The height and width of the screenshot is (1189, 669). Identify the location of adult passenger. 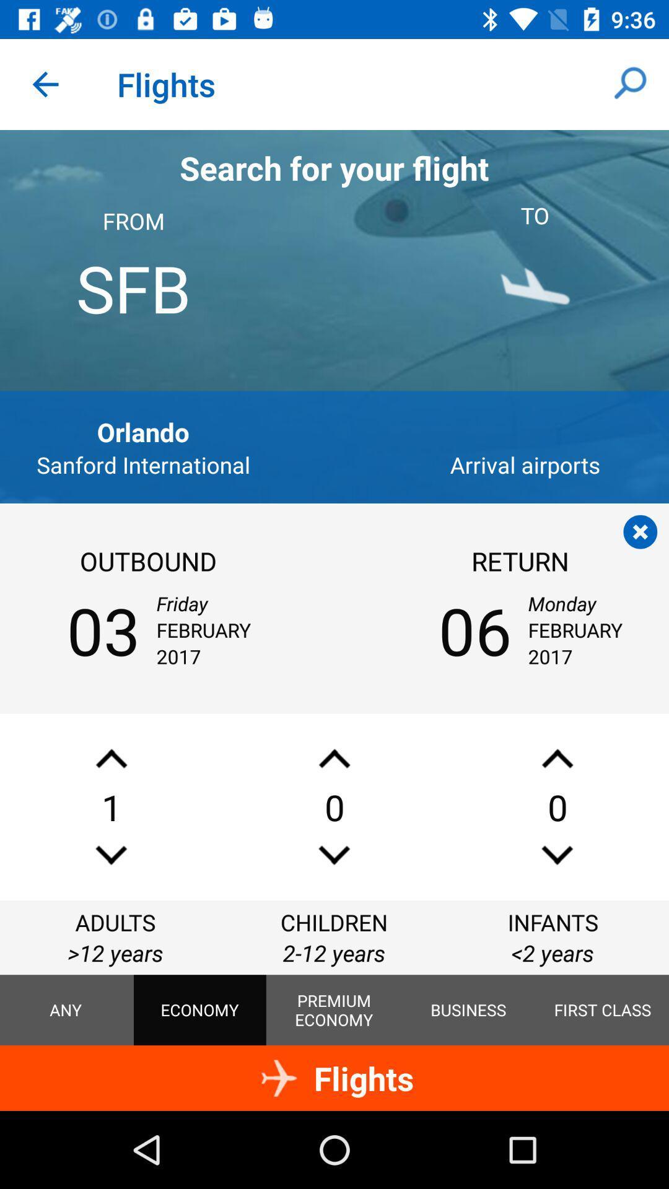
(111, 758).